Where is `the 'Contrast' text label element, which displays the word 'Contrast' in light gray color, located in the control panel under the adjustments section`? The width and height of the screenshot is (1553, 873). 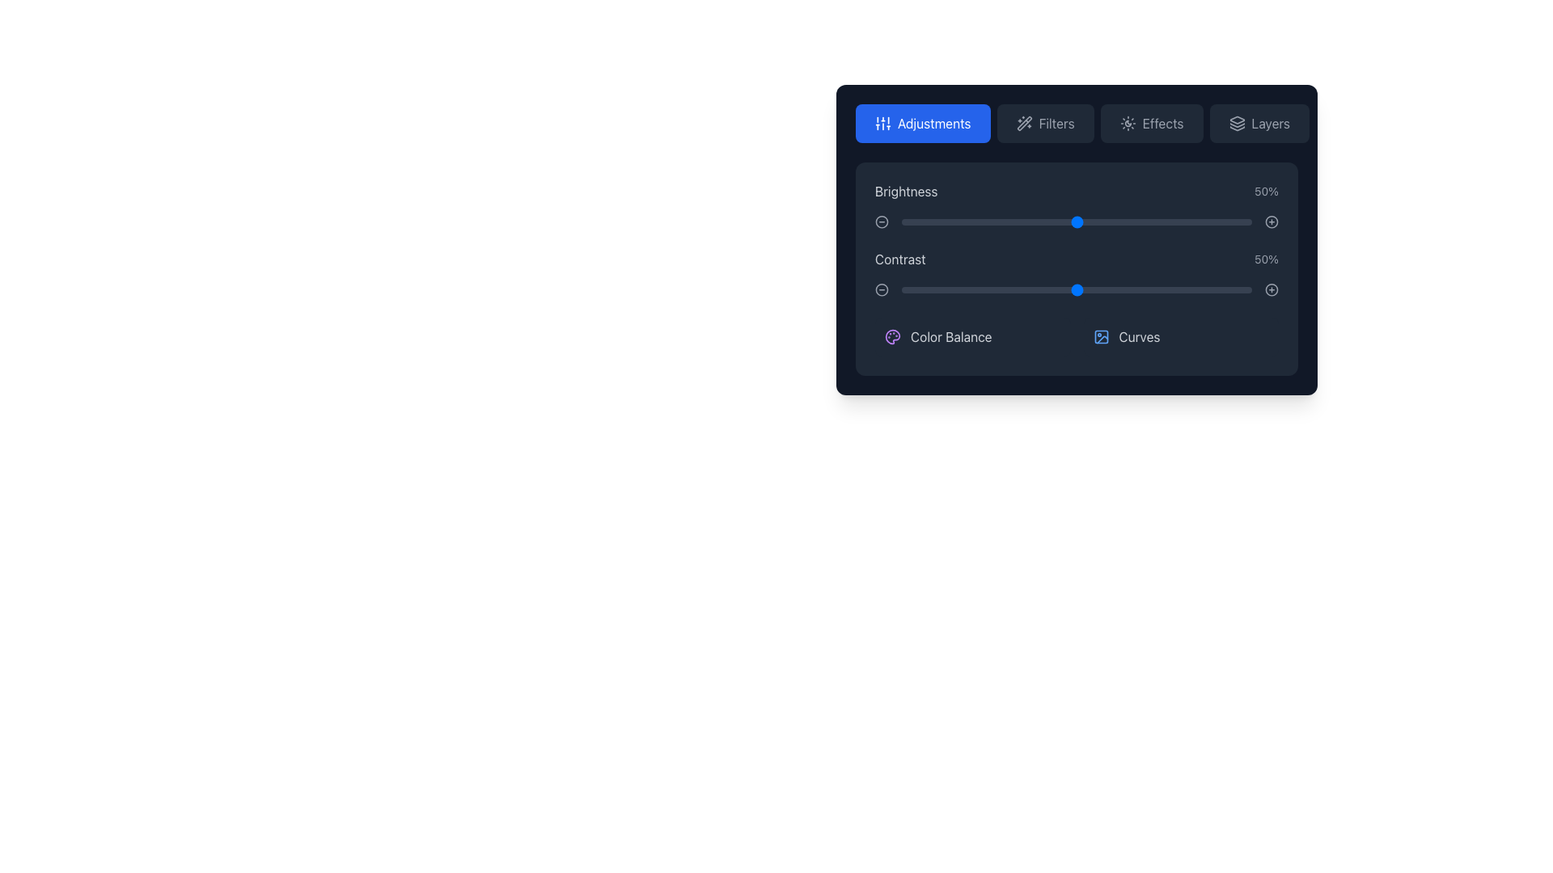
the 'Contrast' text label element, which displays the word 'Contrast' in light gray color, located in the control panel under the adjustments section is located at coordinates (899, 258).